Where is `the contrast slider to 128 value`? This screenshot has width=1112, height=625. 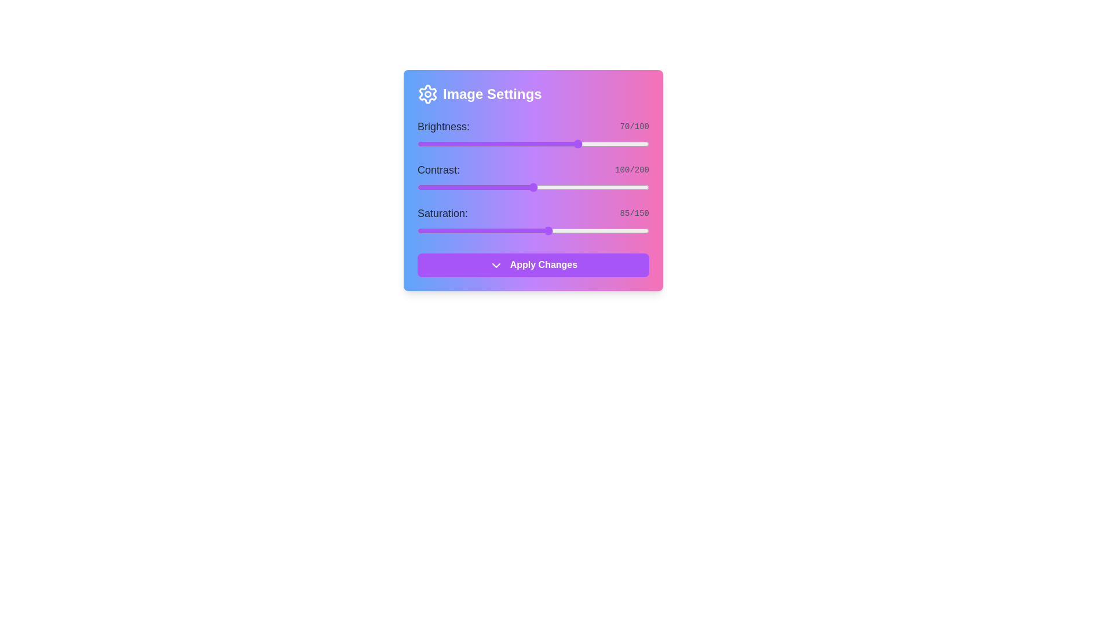 the contrast slider to 128 value is located at coordinates (566, 187).